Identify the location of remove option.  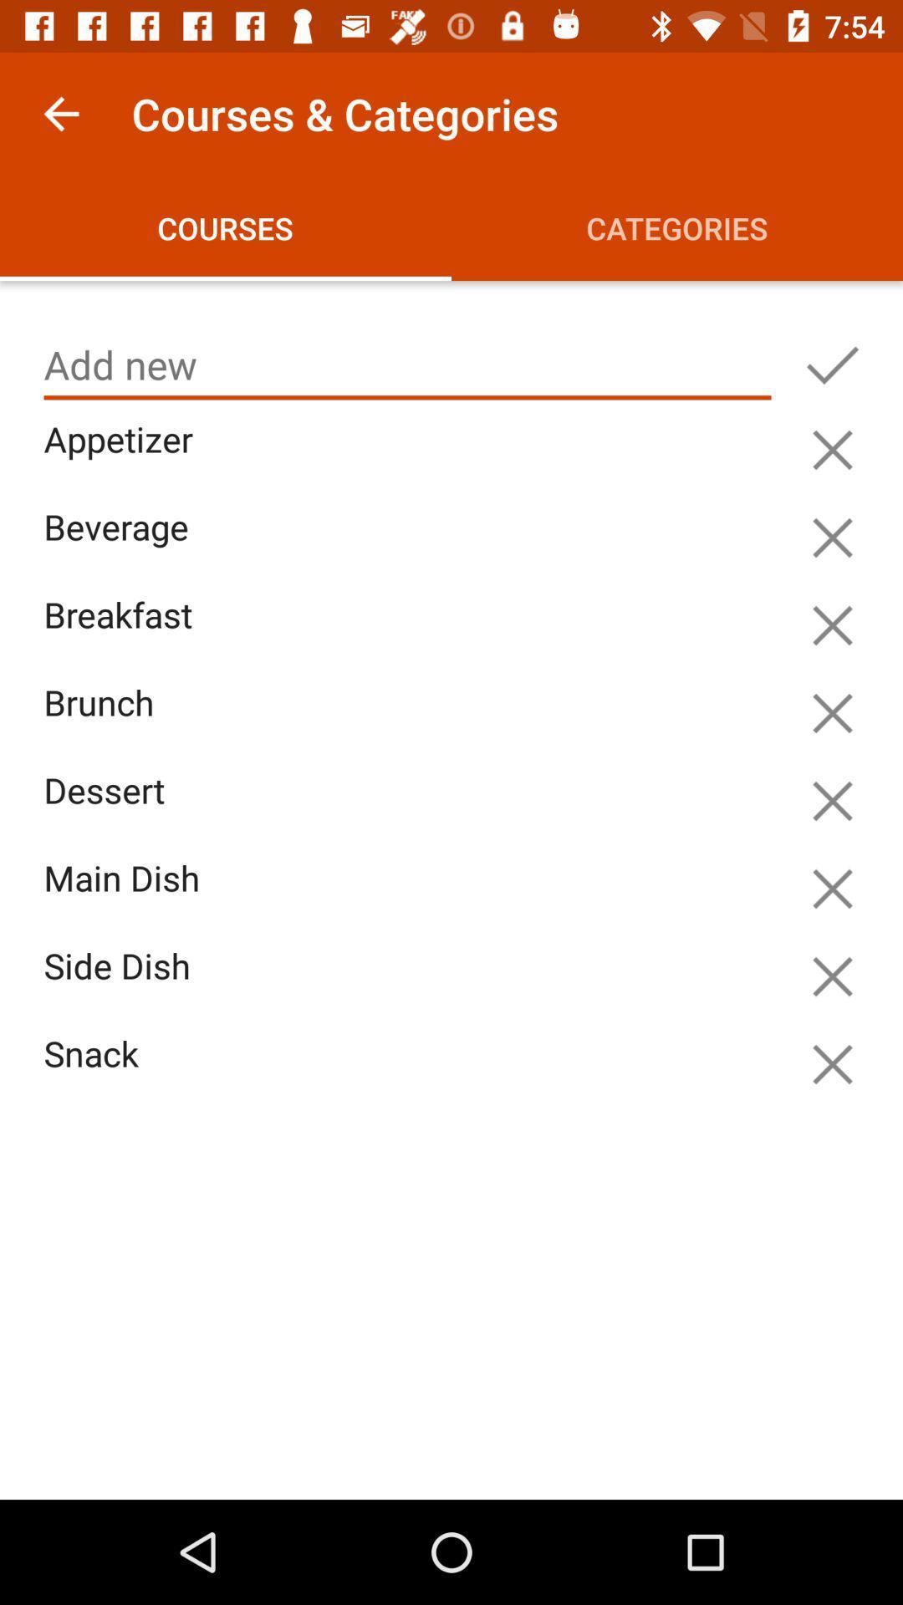
(832, 888).